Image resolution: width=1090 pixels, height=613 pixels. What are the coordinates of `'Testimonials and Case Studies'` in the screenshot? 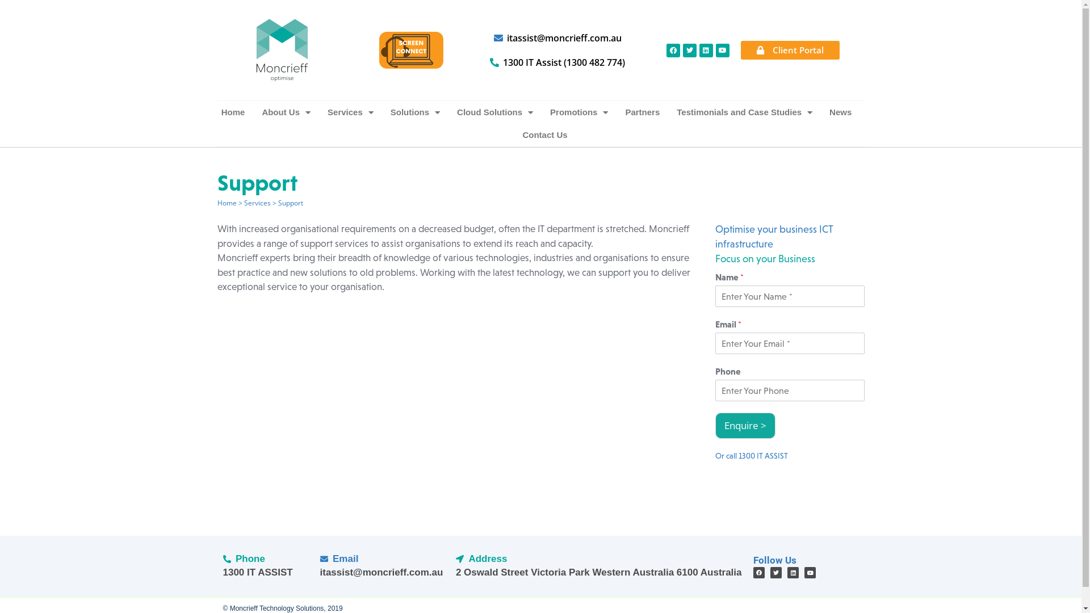 It's located at (744, 112).